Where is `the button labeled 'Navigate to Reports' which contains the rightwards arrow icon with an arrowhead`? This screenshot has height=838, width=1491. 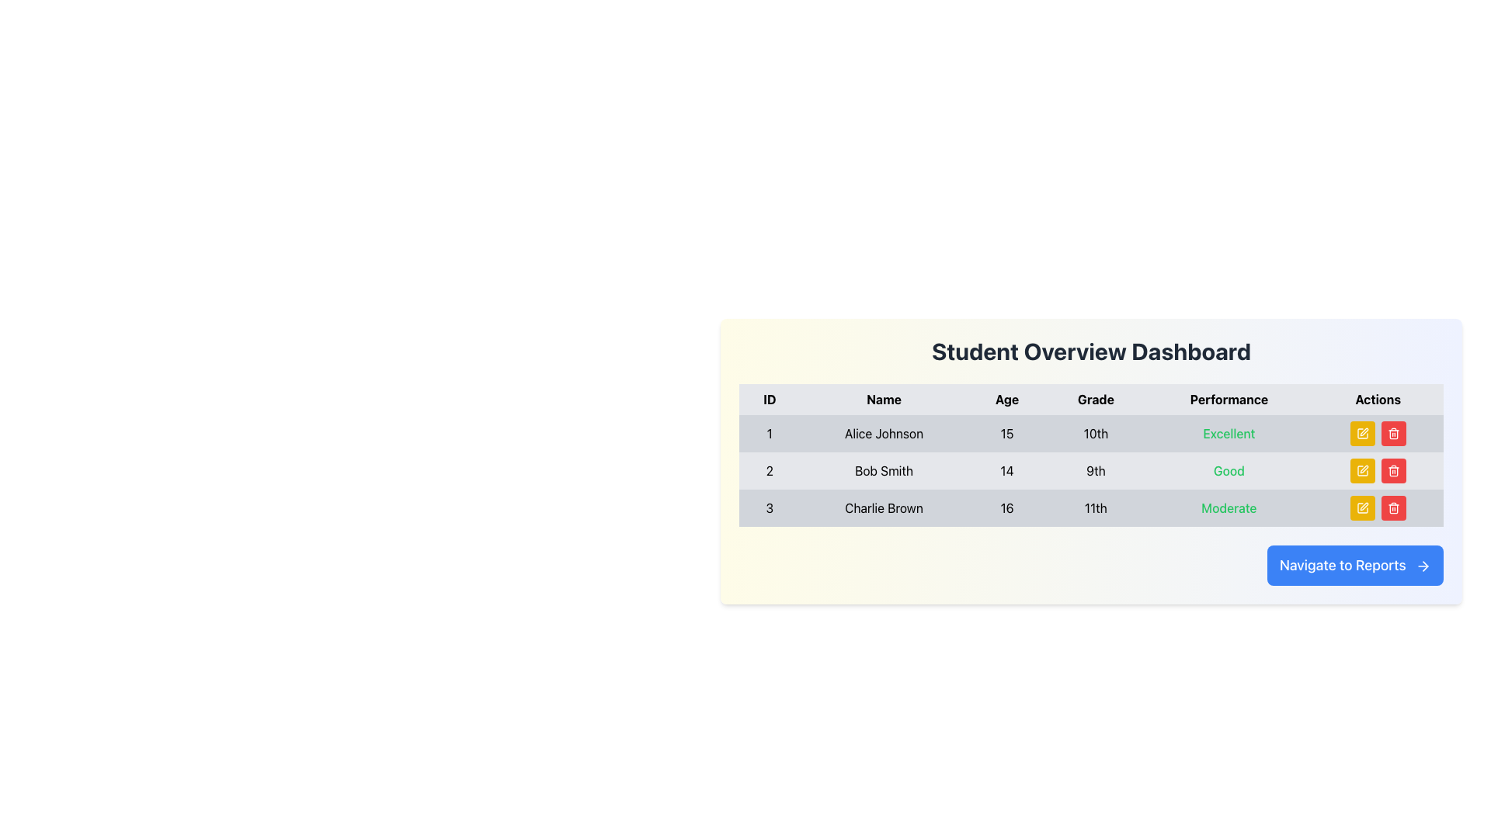 the button labeled 'Navigate to Reports' which contains the rightwards arrow icon with an arrowhead is located at coordinates (1425, 566).